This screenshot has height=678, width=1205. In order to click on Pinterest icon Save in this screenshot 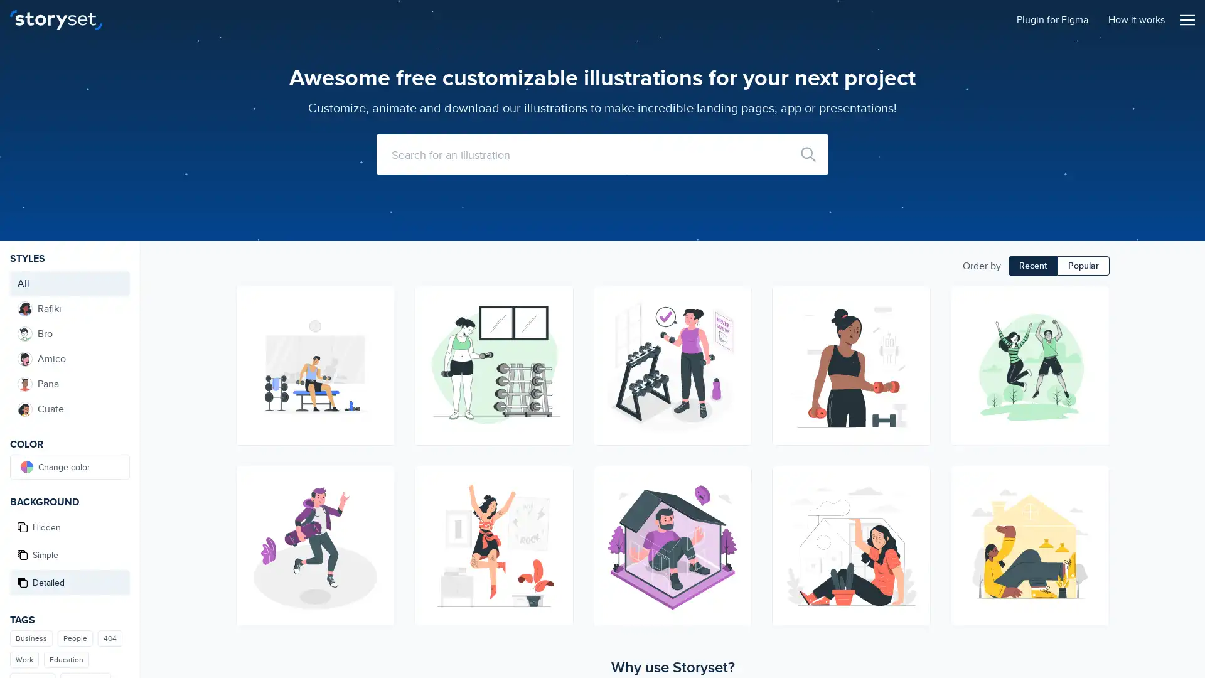, I will do `click(915, 346)`.